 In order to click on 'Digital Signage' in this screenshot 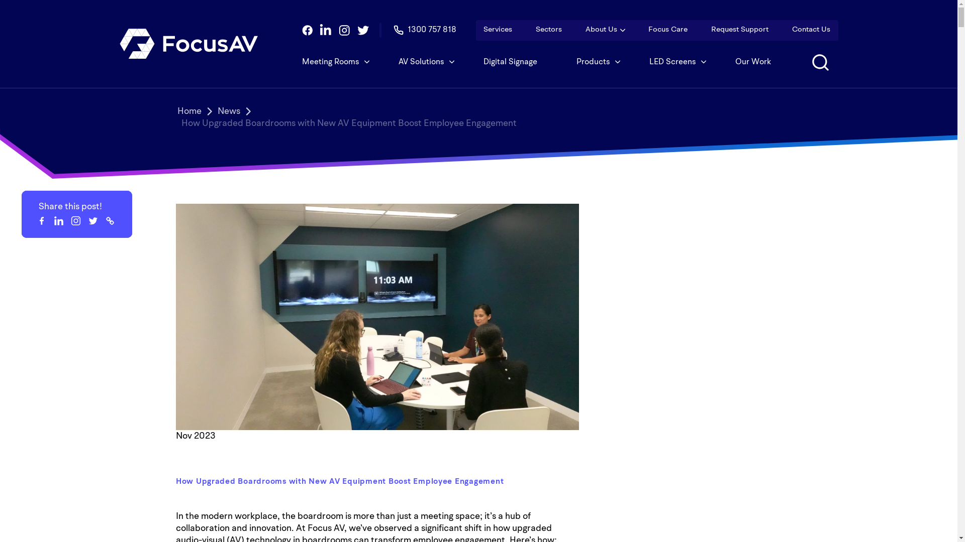, I will do `click(510, 62)`.